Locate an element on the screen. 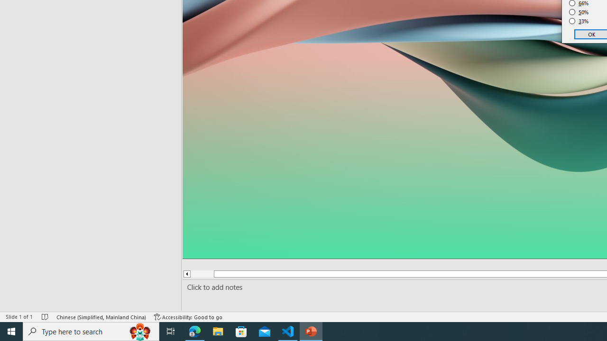 The height and width of the screenshot is (341, 607). 'Visual Studio Code - 1 running window' is located at coordinates (287, 331).